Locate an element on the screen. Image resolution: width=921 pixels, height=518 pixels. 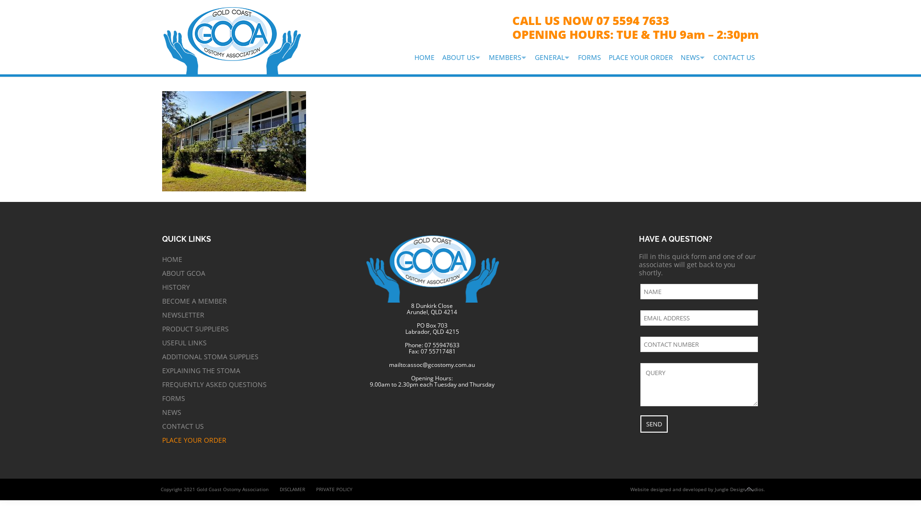
'USEFUL LINKS' is located at coordinates (162, 342).